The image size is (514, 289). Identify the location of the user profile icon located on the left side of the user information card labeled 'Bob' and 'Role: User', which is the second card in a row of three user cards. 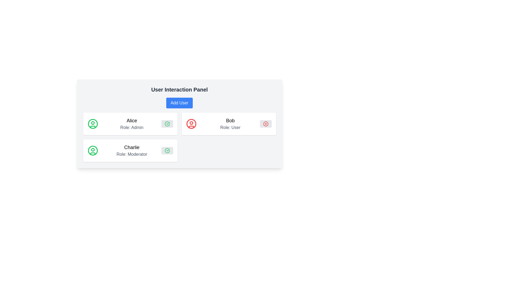
(191, 124).